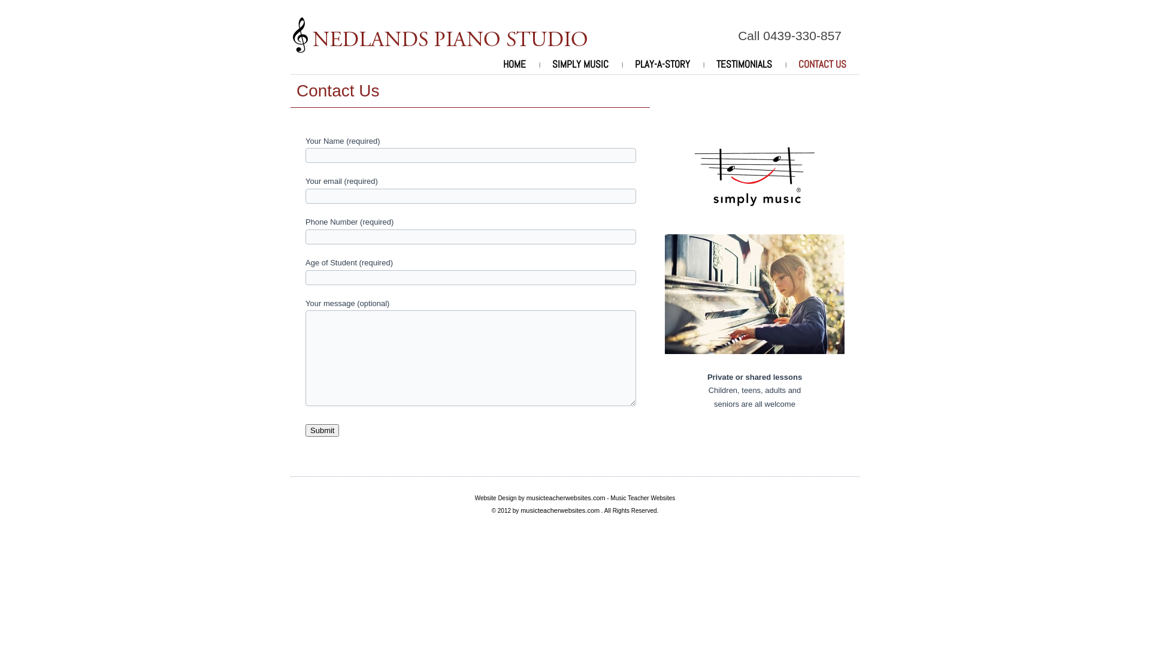 This screenshot has width=1150, height=647. Describe the element at coordinates (559, 510) in the screenshot. I see `'musicteacherwebsites.com'` at that location.